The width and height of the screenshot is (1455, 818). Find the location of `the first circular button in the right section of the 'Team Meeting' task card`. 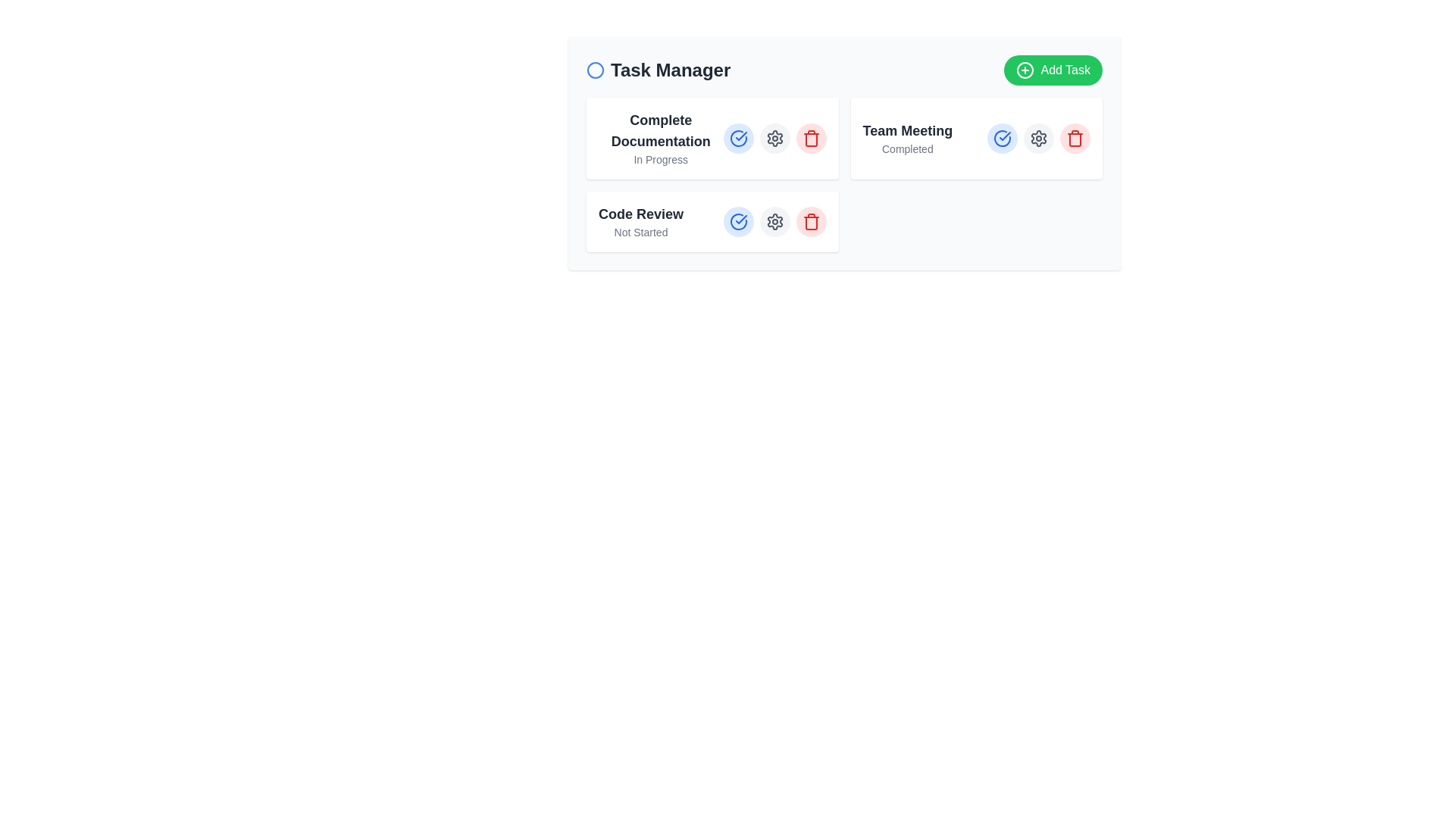

the first circular button in the right section of the 'Team Meeting' task card is located at coordinates (1003, 138).